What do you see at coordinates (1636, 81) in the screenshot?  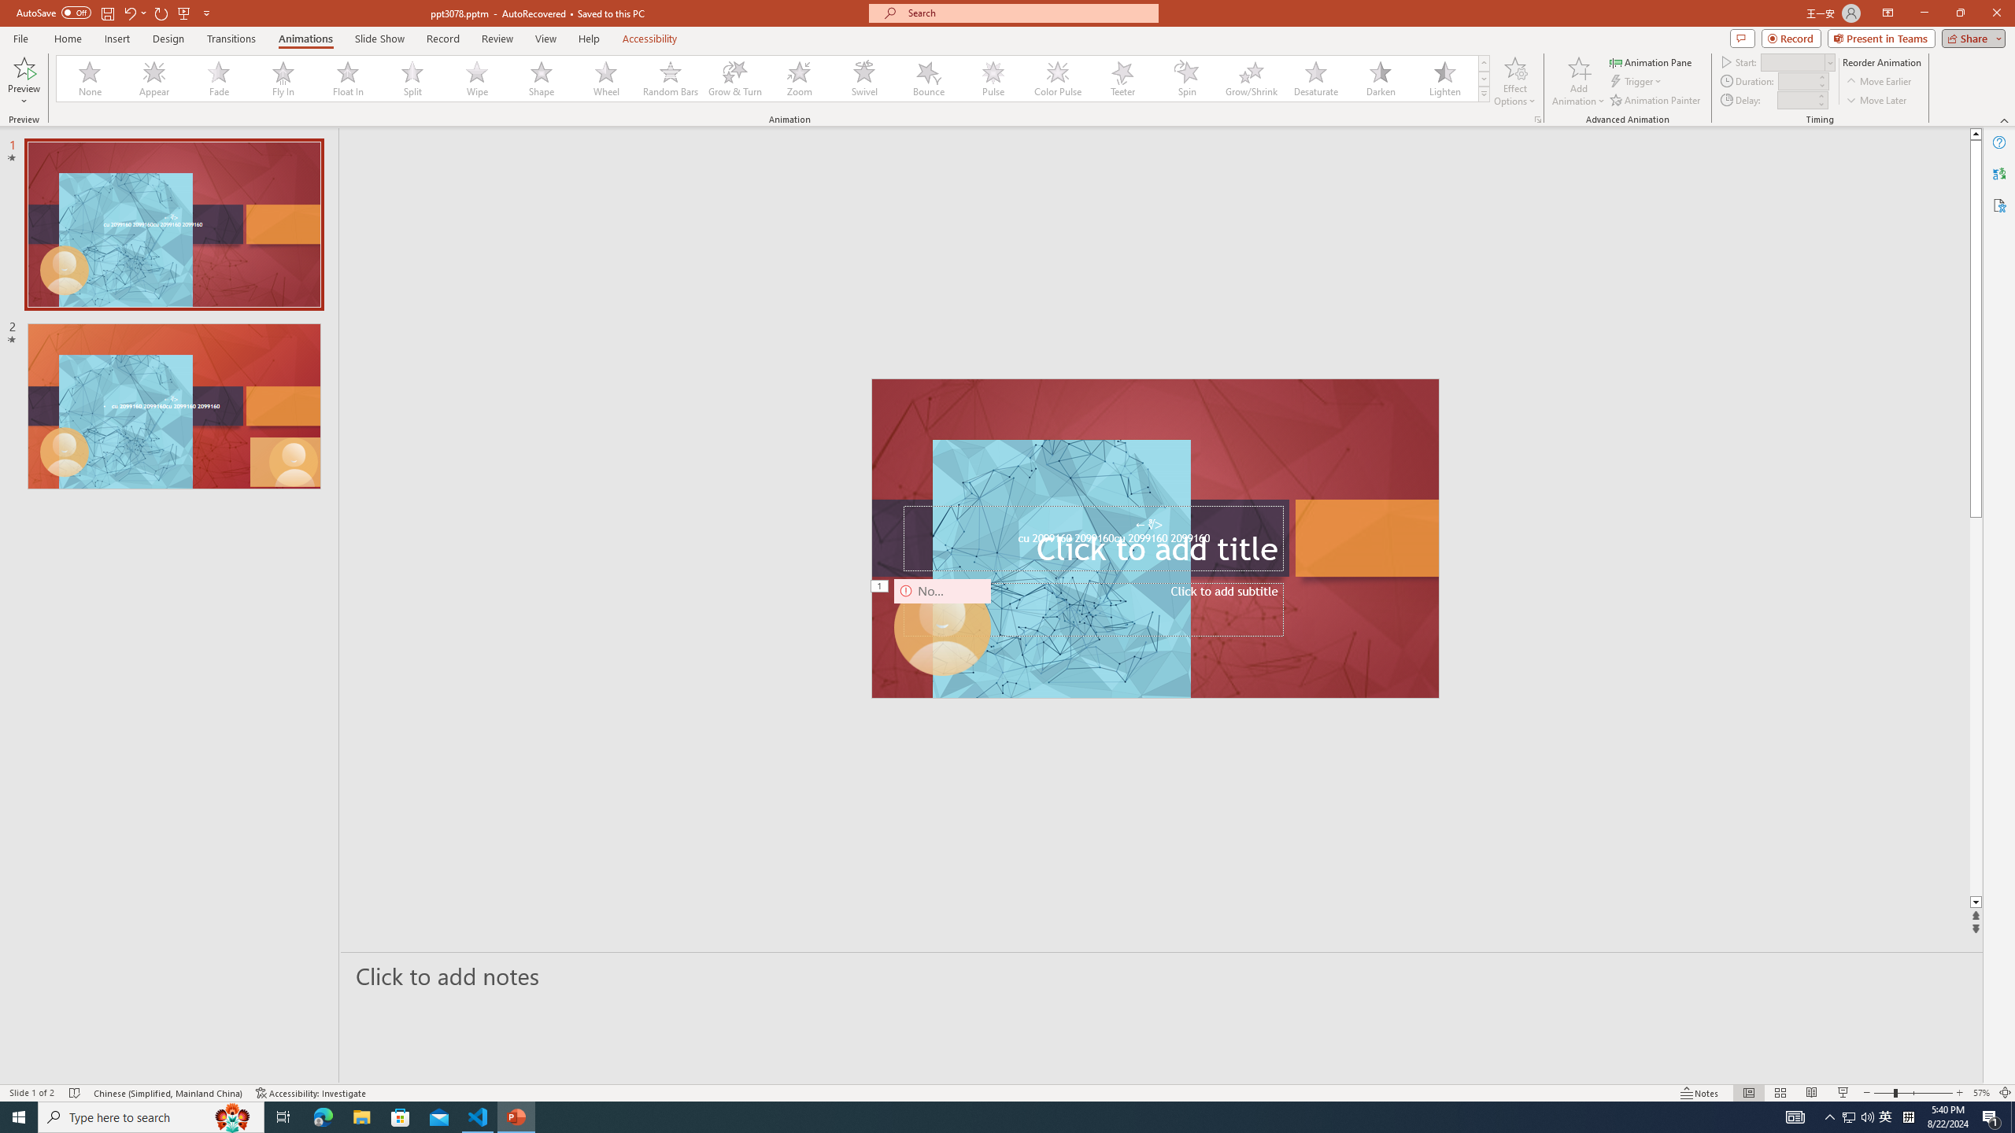 I see `'Trigger'` at bounding box center [1636, 81].